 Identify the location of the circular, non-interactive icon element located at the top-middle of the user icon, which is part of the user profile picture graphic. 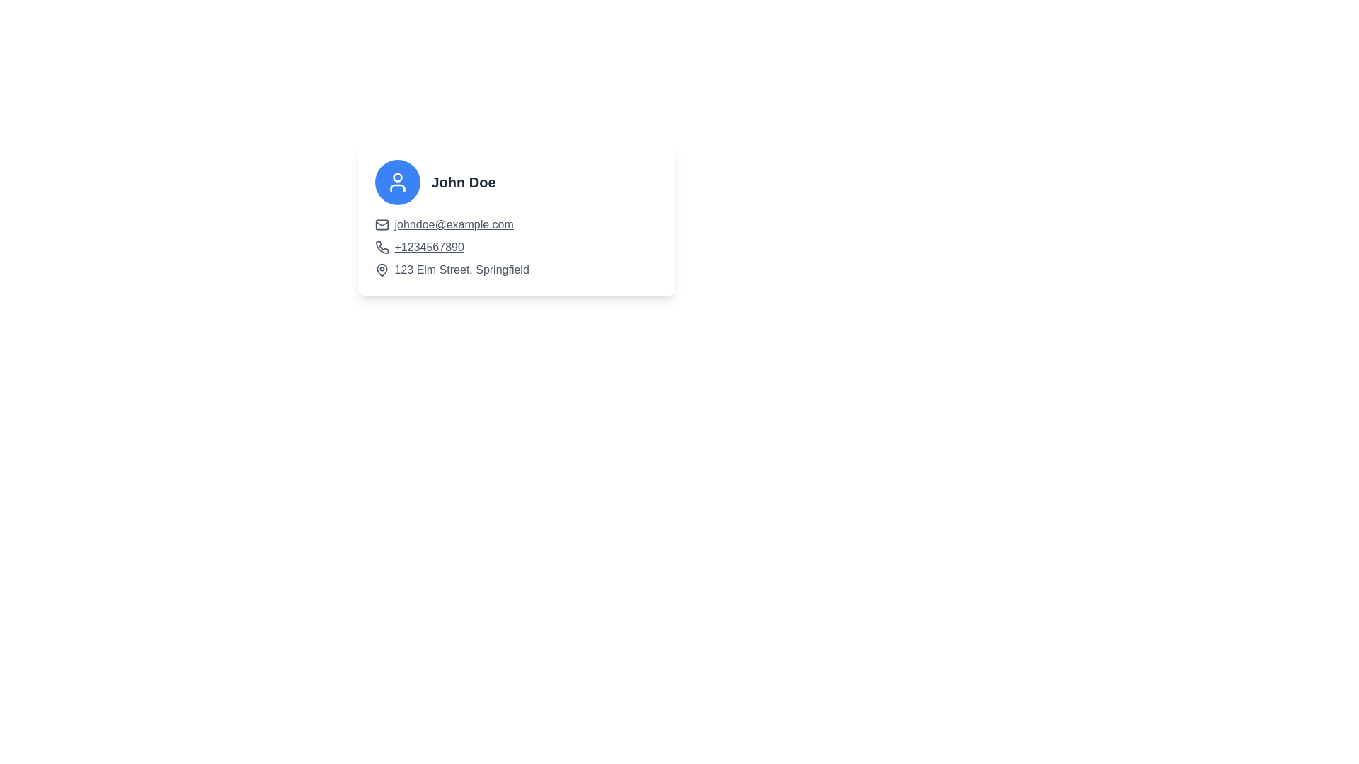
(396, 177).